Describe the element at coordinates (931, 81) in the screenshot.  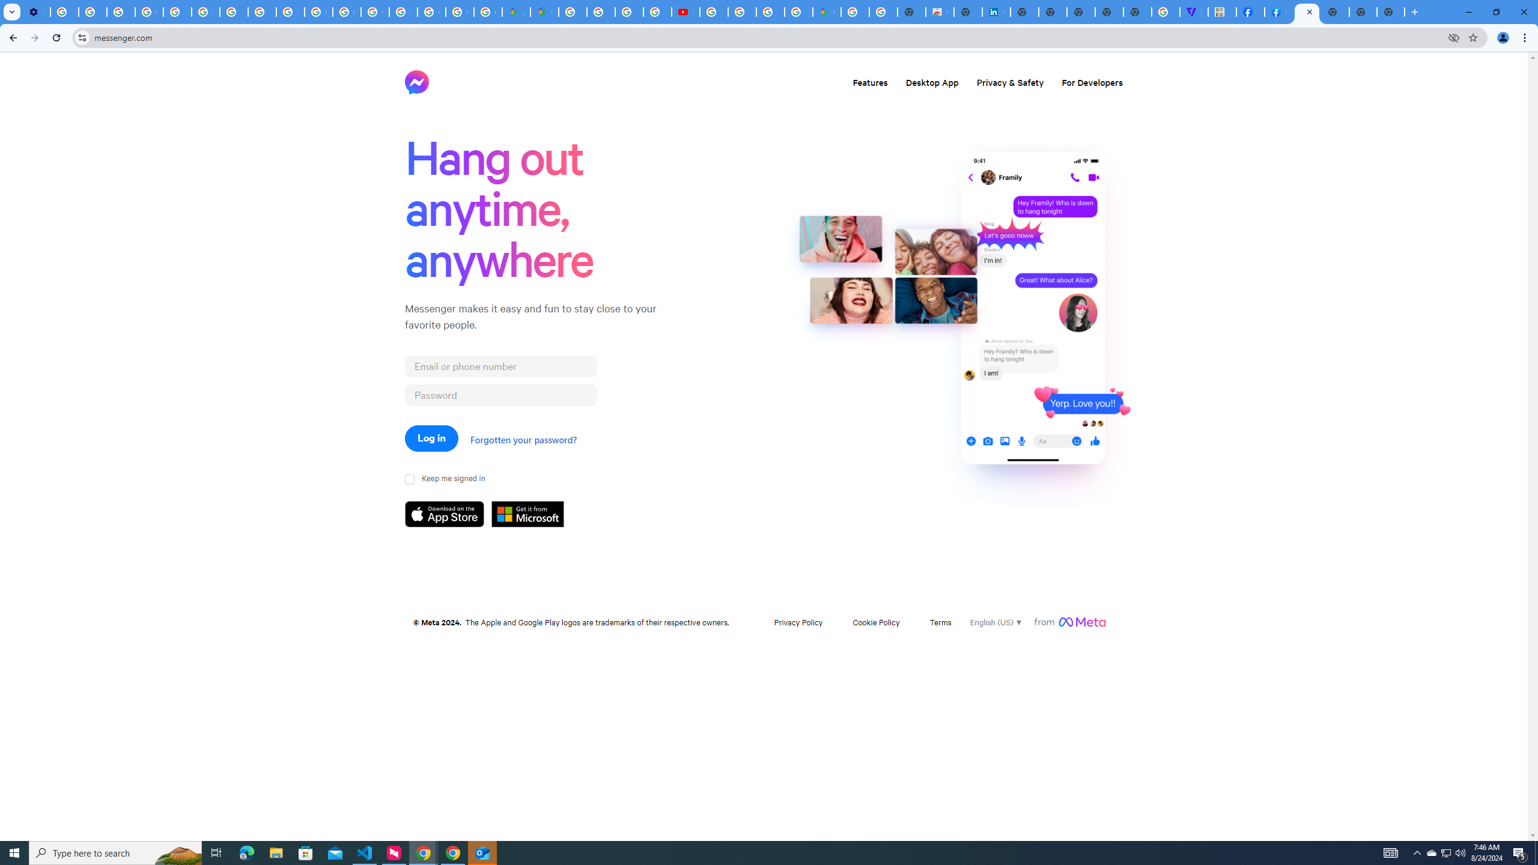
I see `'Desktop App'` at that location.